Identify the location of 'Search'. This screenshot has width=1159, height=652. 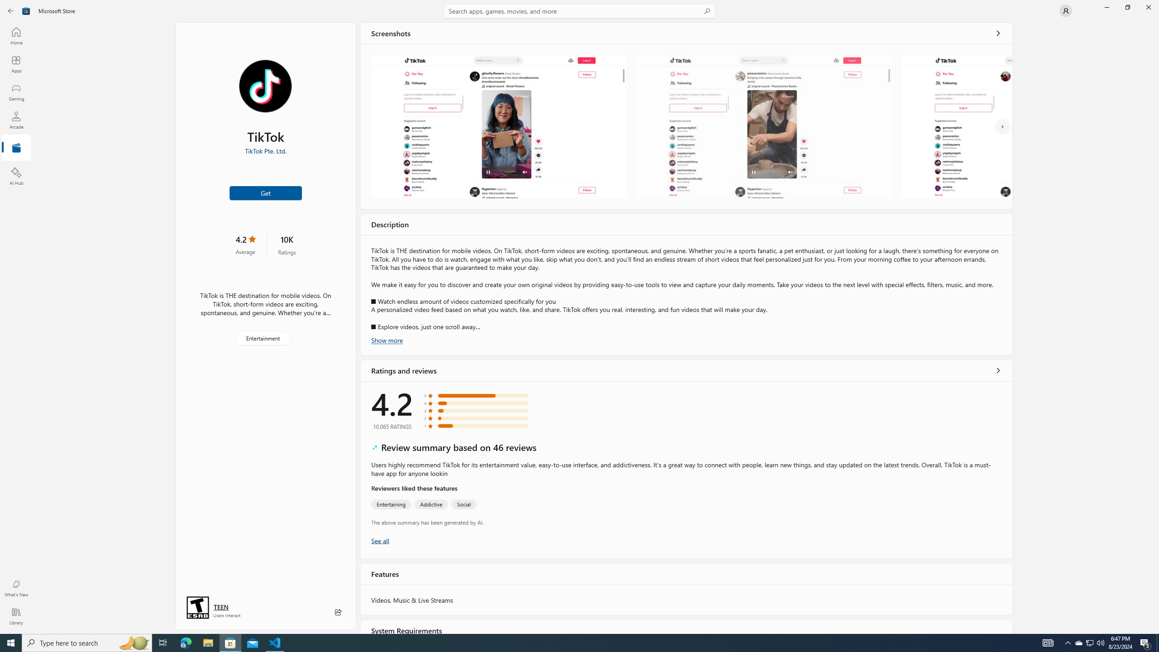
(579, 10).